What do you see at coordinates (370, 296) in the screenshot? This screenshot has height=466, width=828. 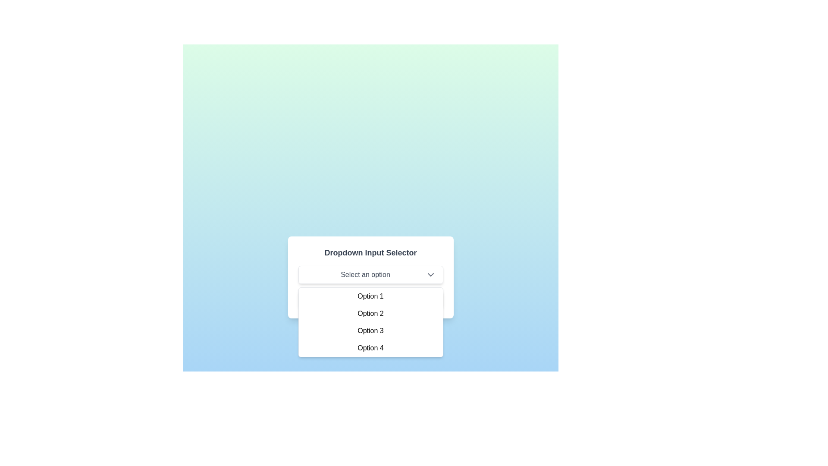 I see `the first option in the dropdown menu` at bounding box center [370, 296].